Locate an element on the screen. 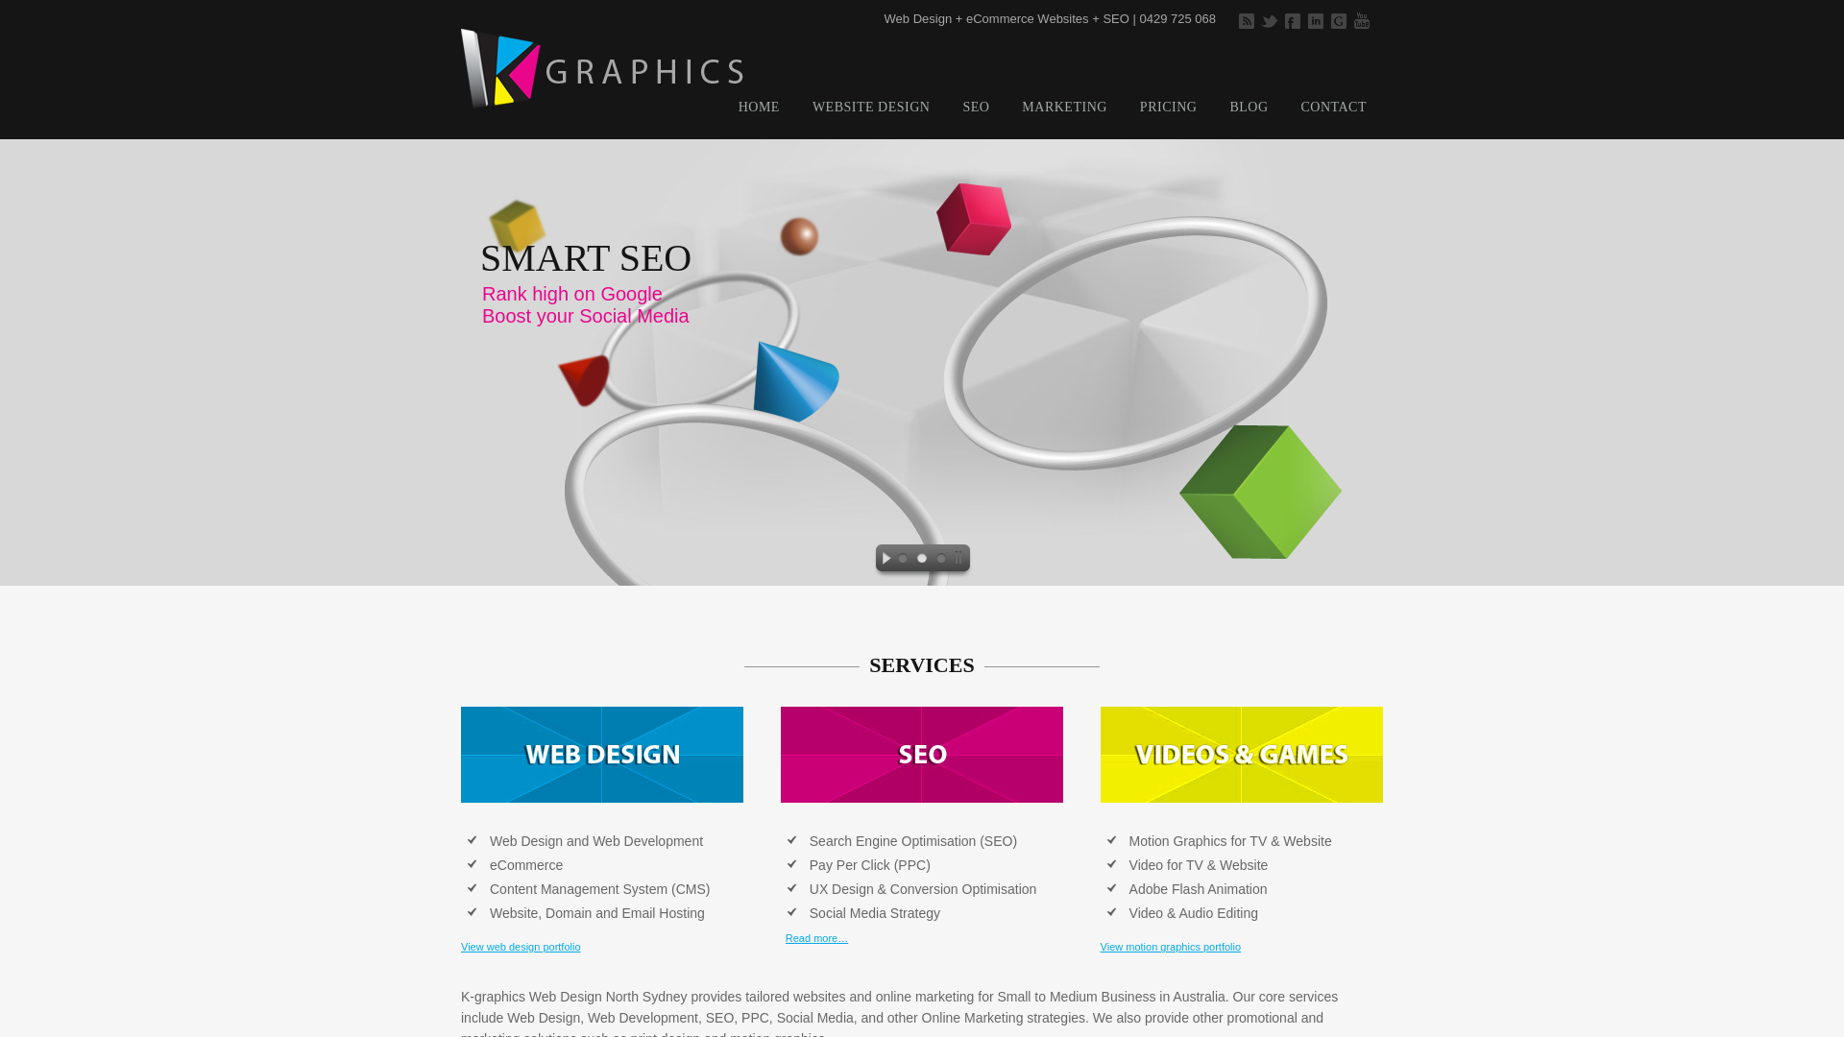 The image size is (1844, 1037). 'View motion graphics portfolio' is located at coordinates (1170, 946).